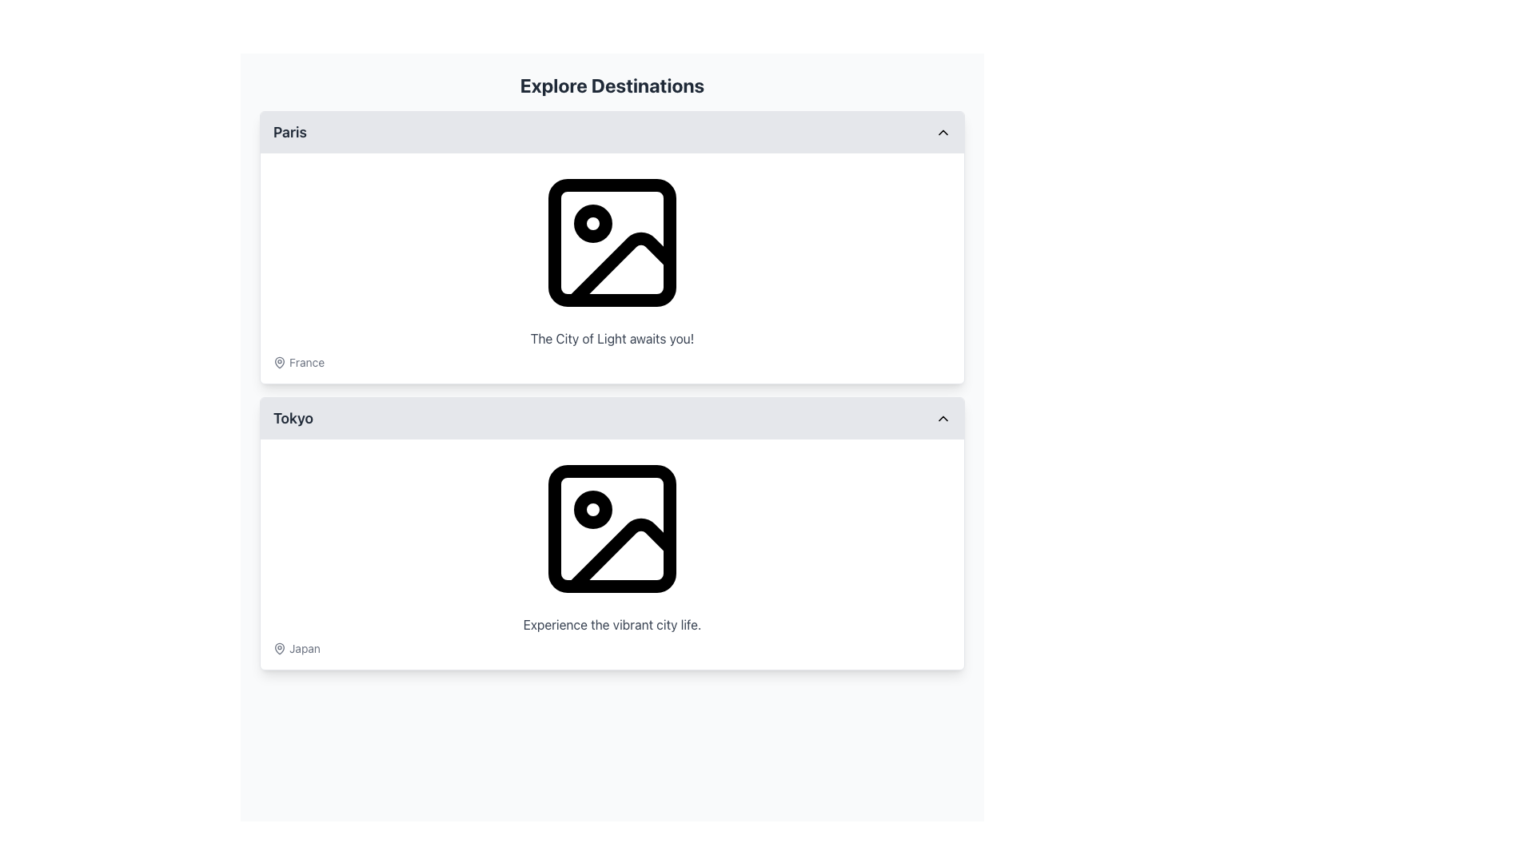 The width and height of the screenshot is (1535, 863). Describe the element at coordinates (620, 268) in the screenshot. I see `the mountain-shaped icon in the 'Paris' section, located centrally below the 'Explore Destinations' title` at that location.